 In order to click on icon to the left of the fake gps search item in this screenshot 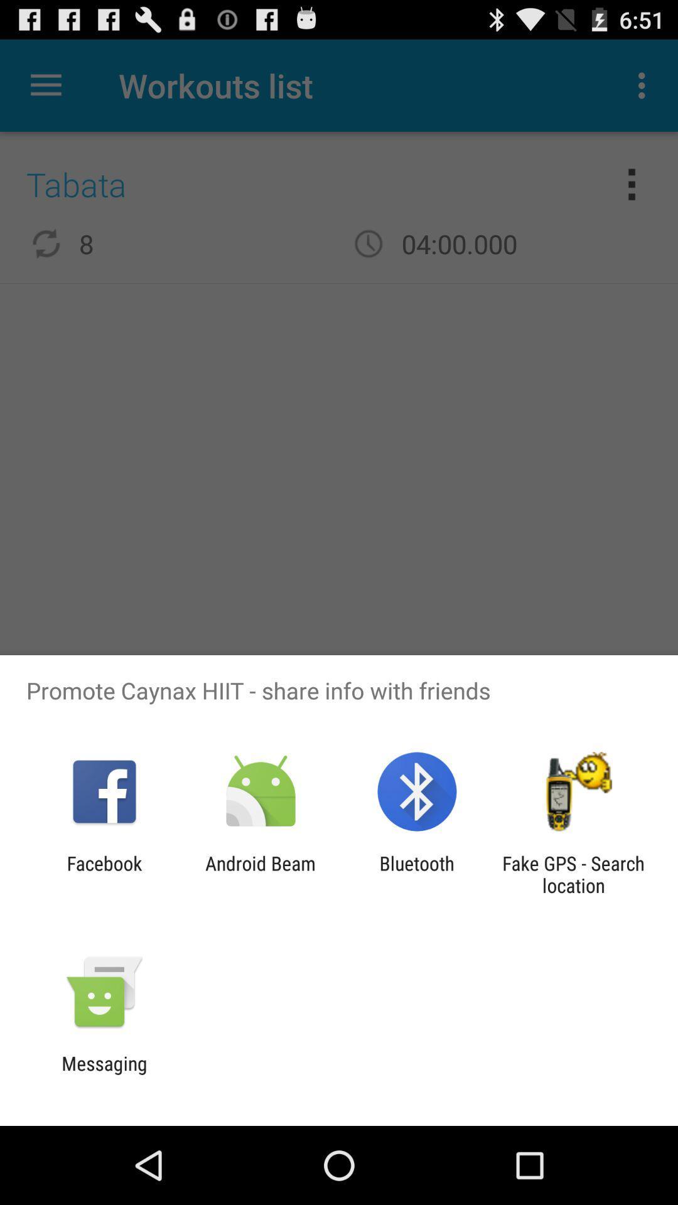, I will do `click(417, 874)`.